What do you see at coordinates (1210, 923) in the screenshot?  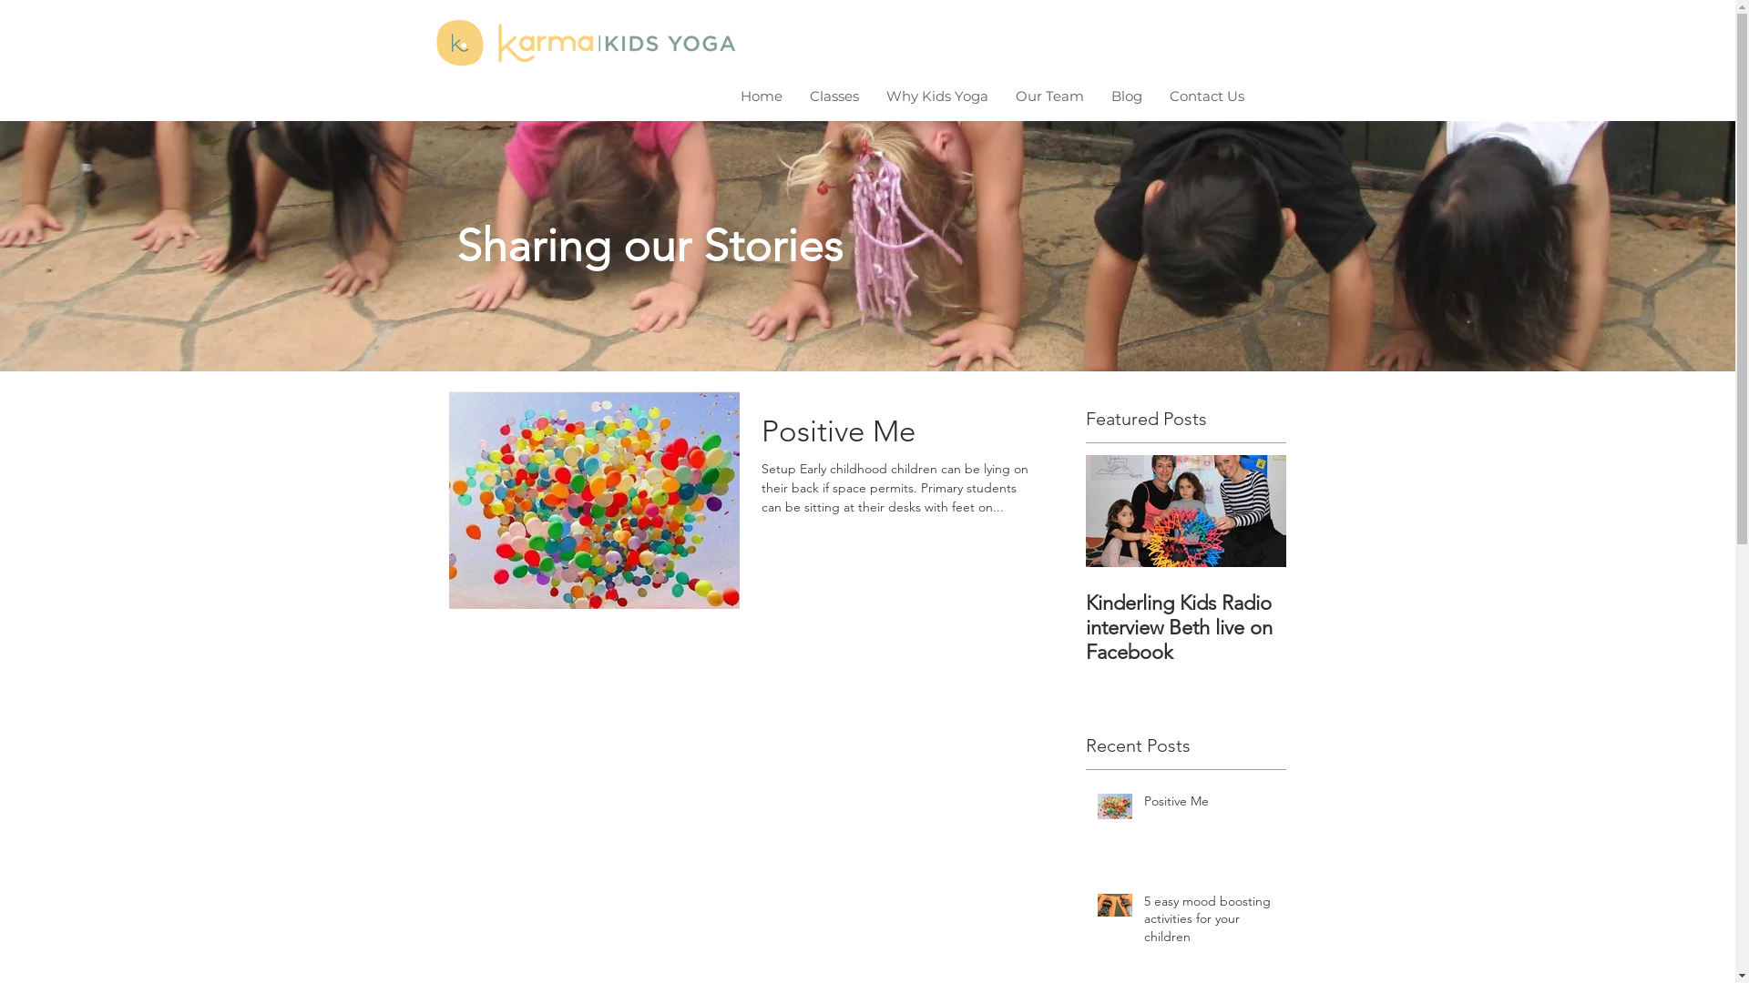 I see `'5 easy mood boosting activities for your children'` at bounding box center [1210, 923].